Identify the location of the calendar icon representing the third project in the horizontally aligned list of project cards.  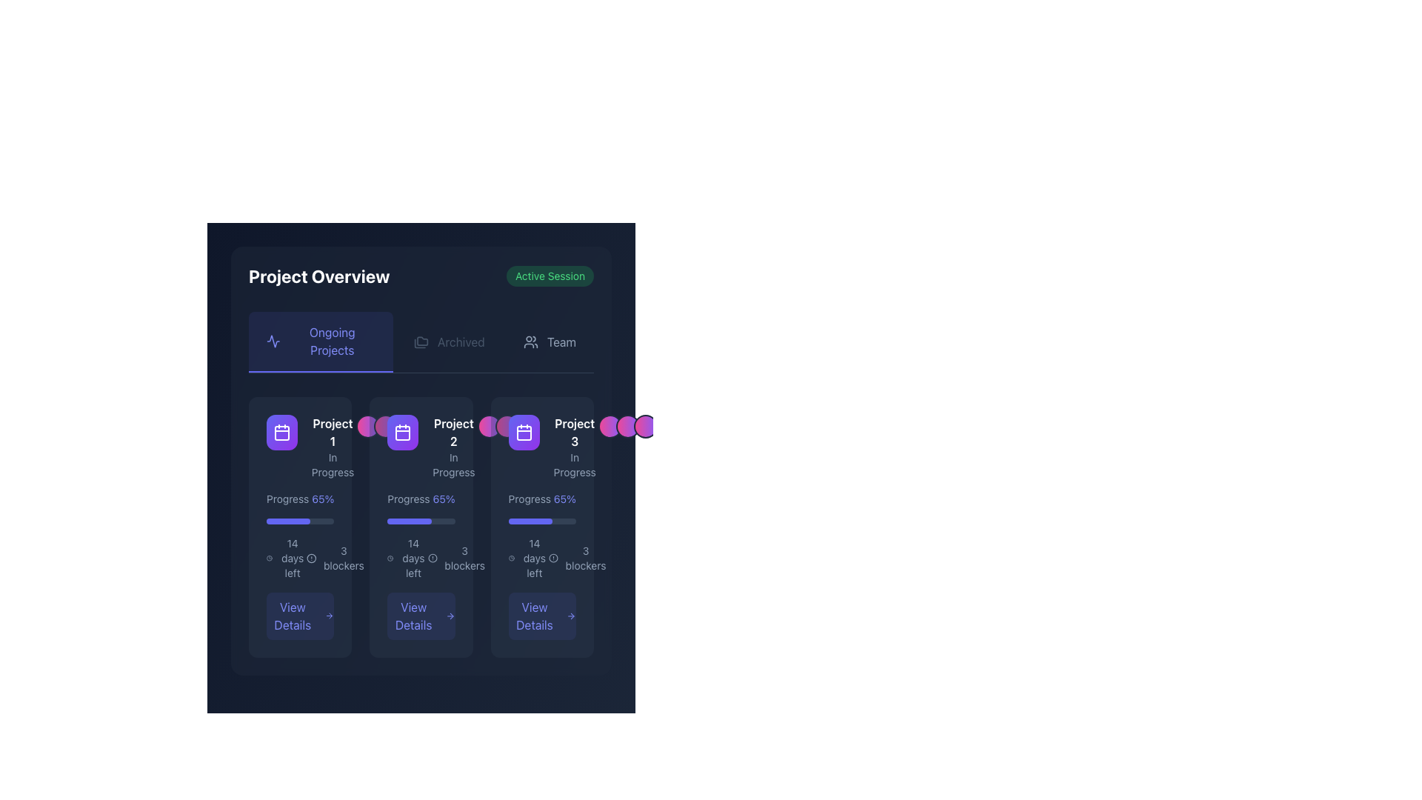
(524, 432).